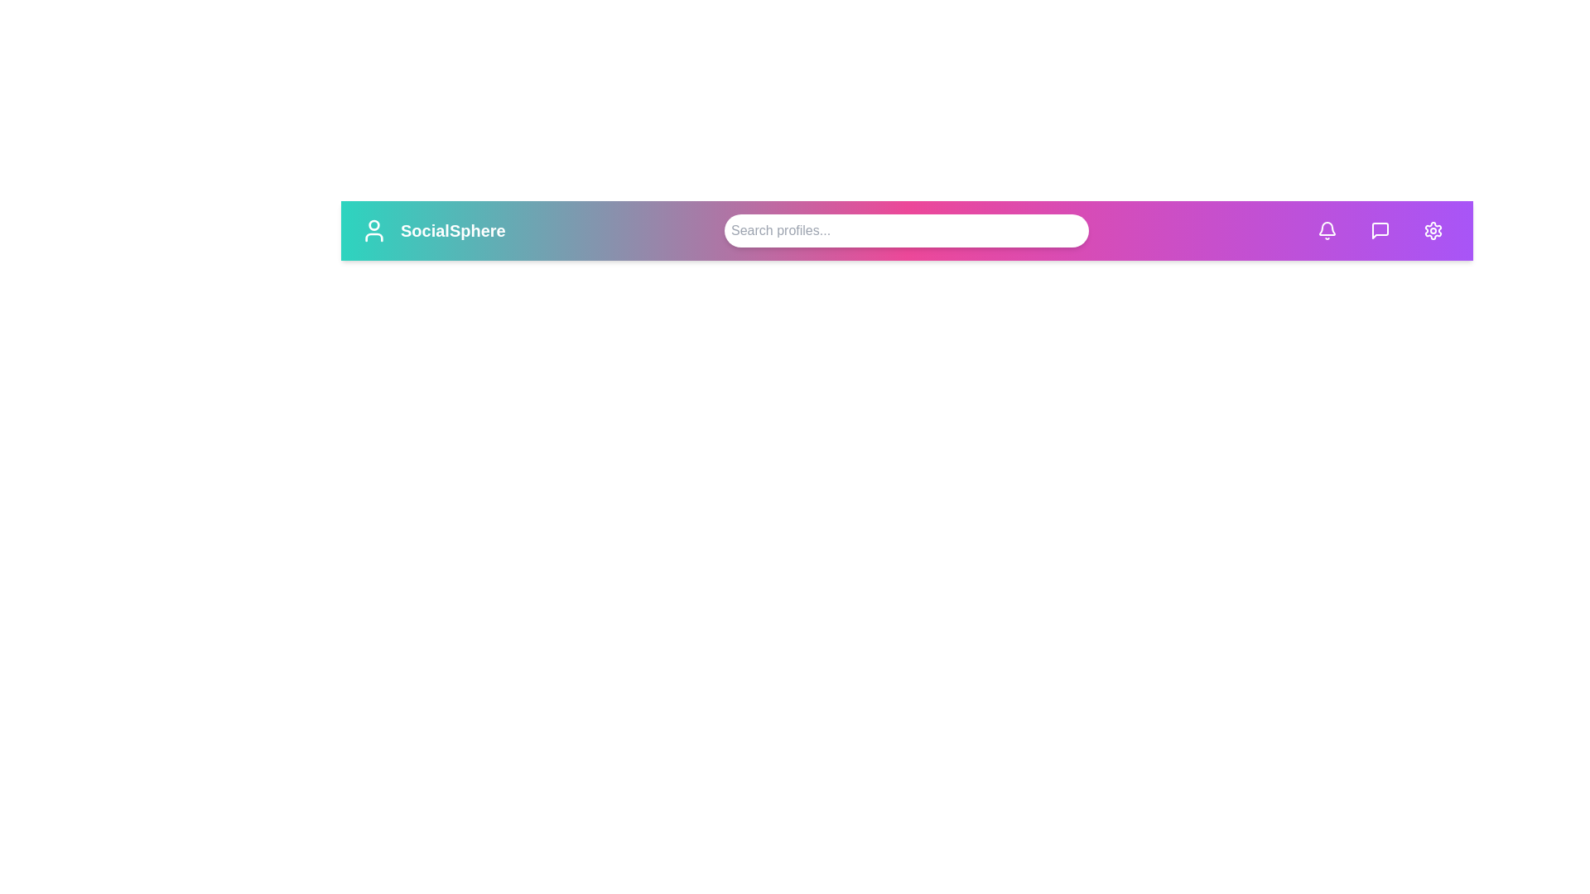  I want to click on the user icon to view the profile, so click(373, 230).